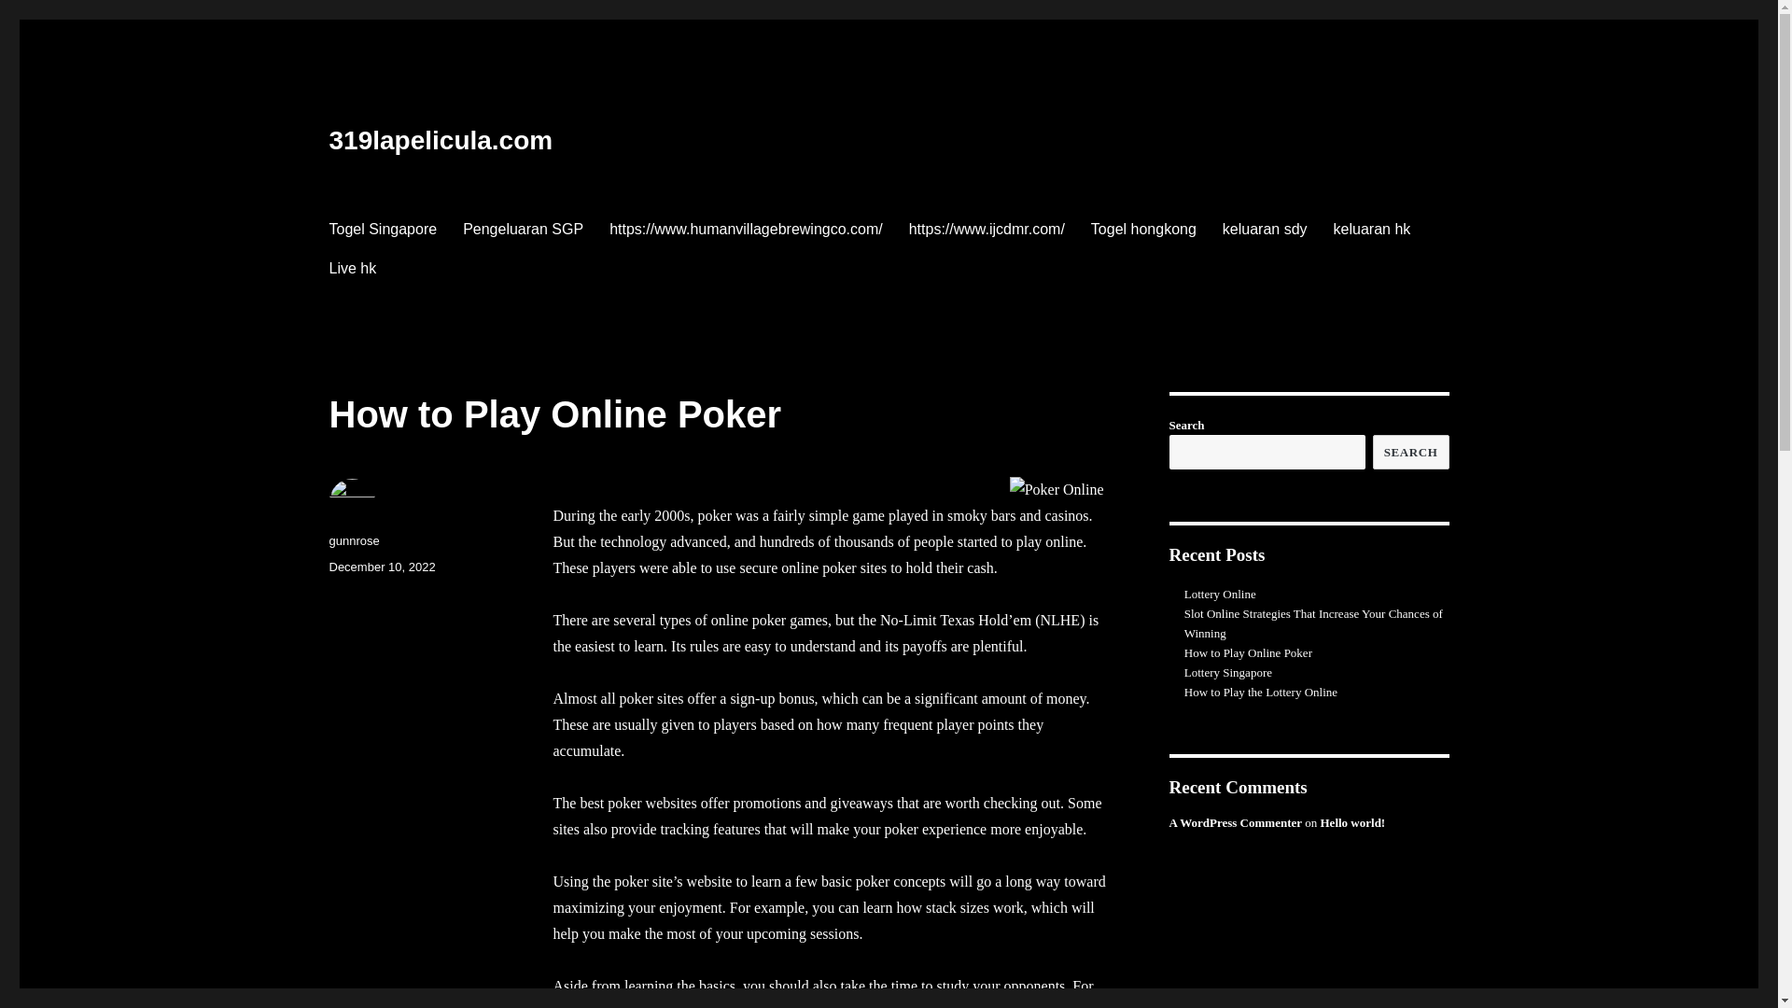  I want to click on 'Hello world!', so click(1352, 821).